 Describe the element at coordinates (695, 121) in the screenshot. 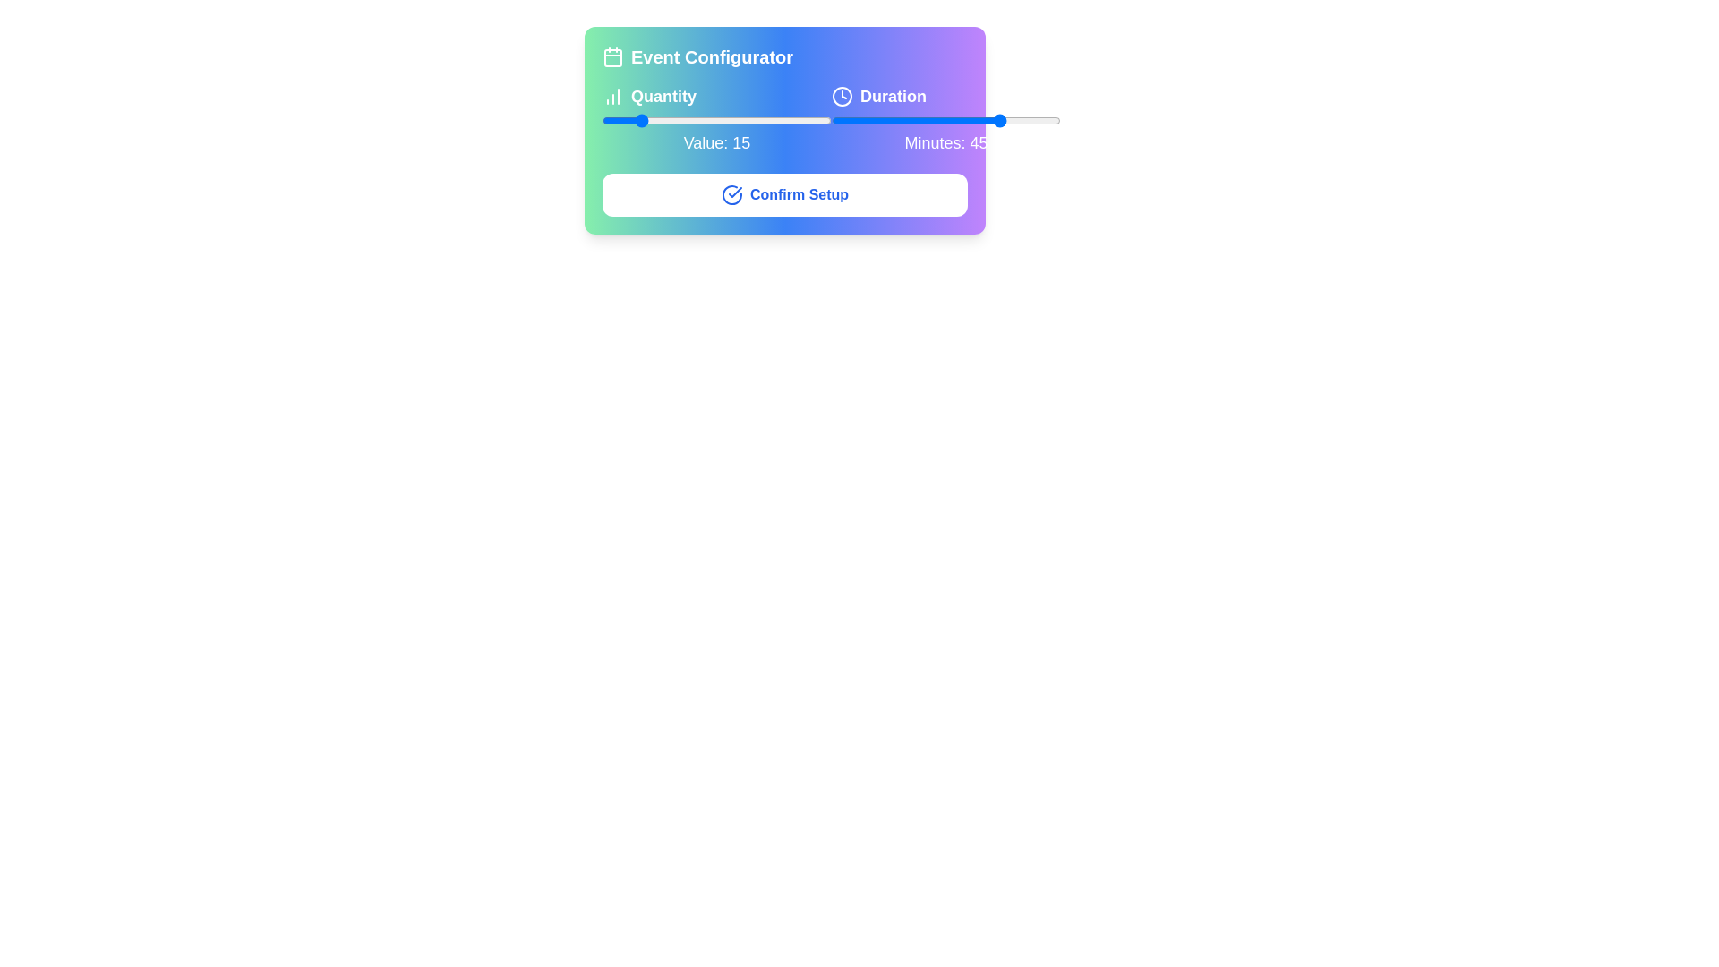

I see `the quantity slider` at that location.